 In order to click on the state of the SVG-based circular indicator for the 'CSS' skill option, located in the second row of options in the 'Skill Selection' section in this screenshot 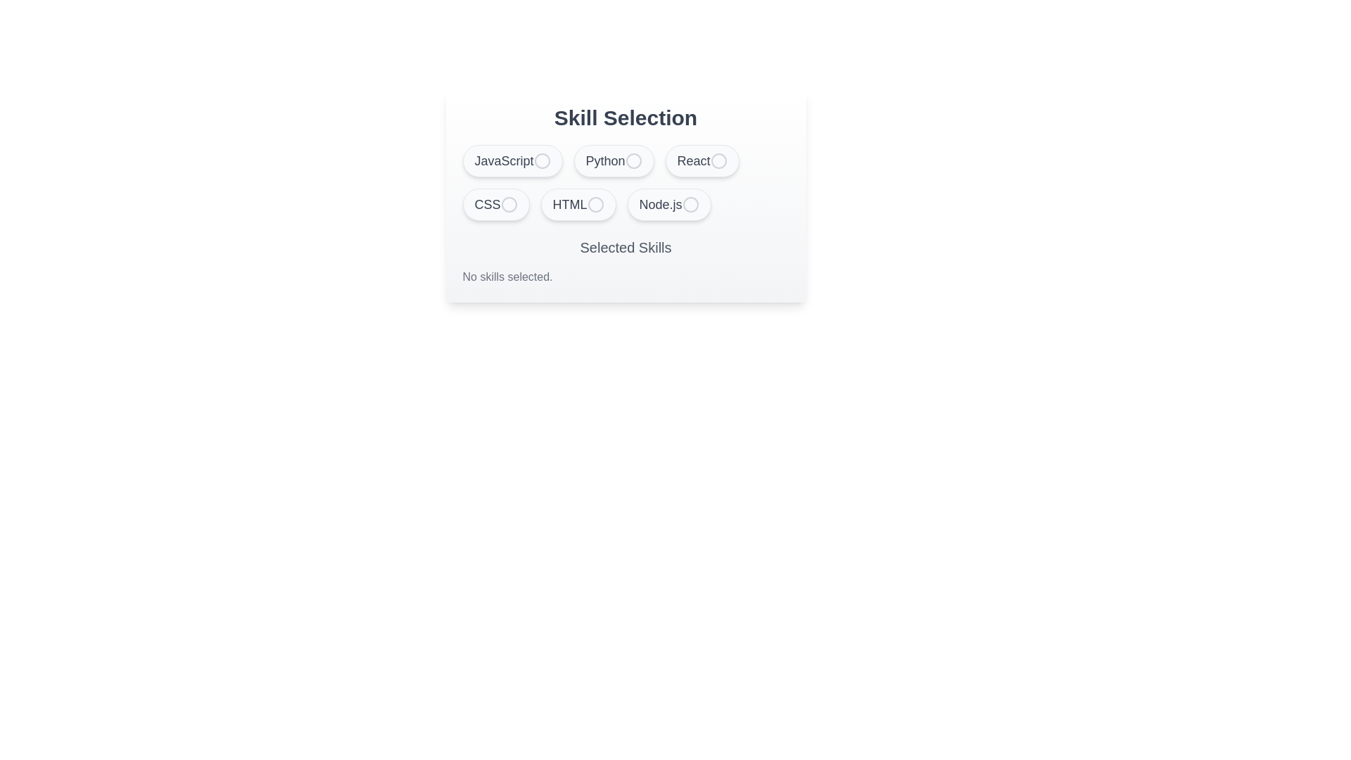, I will do `click(508, 204)`.